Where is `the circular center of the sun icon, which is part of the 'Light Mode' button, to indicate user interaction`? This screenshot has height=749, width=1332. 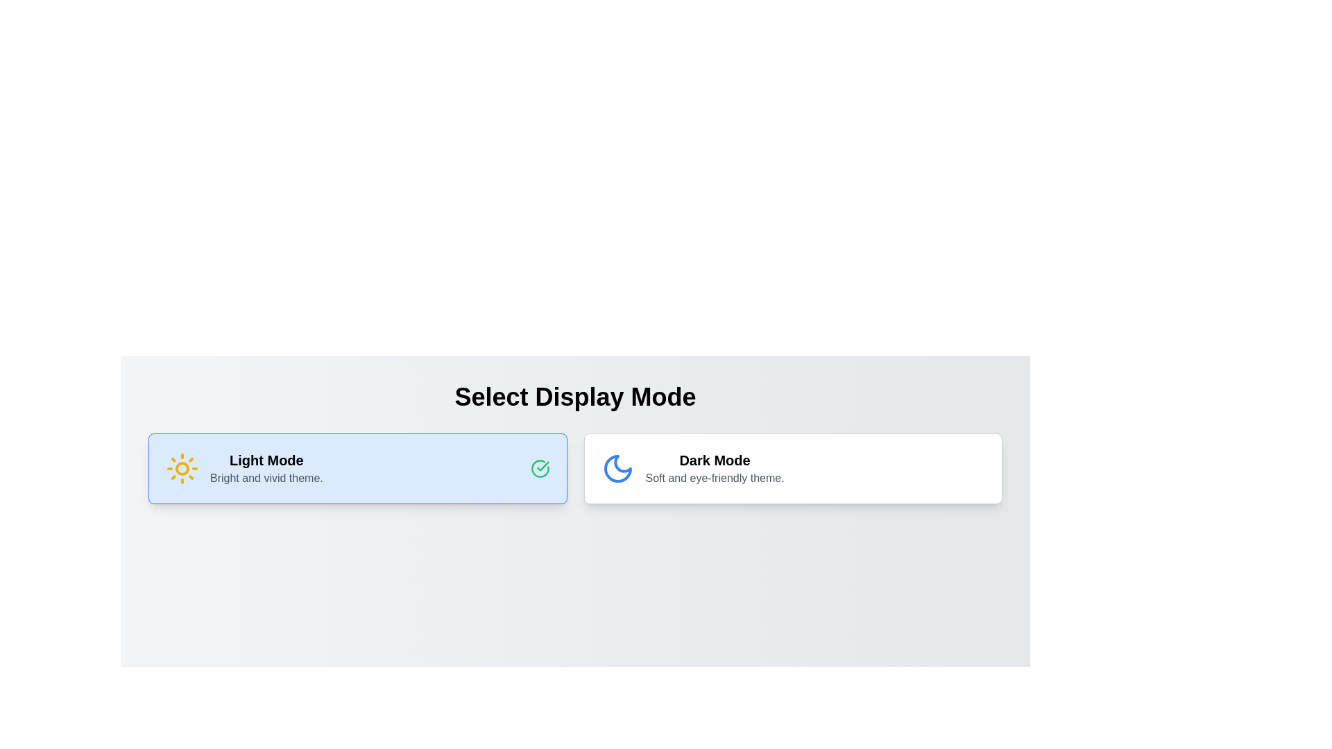 the circular center of the sun icon, which is part of the 'Light Mode' button, to indicate user interaction is located at coordinates (182, 468).